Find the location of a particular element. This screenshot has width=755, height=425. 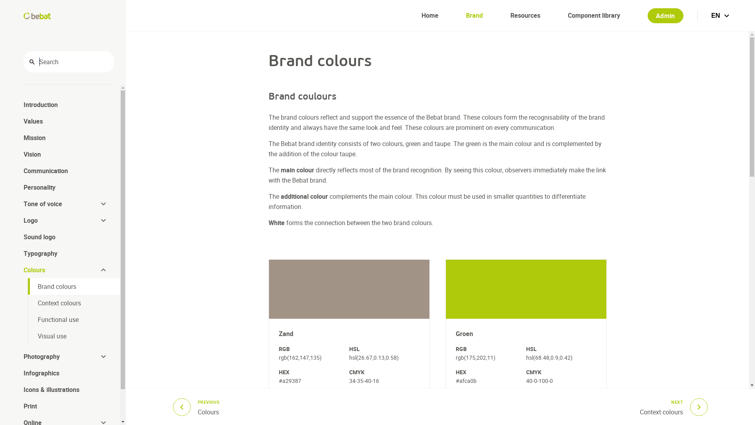

'Personality' is located at coordinates (66, 187).